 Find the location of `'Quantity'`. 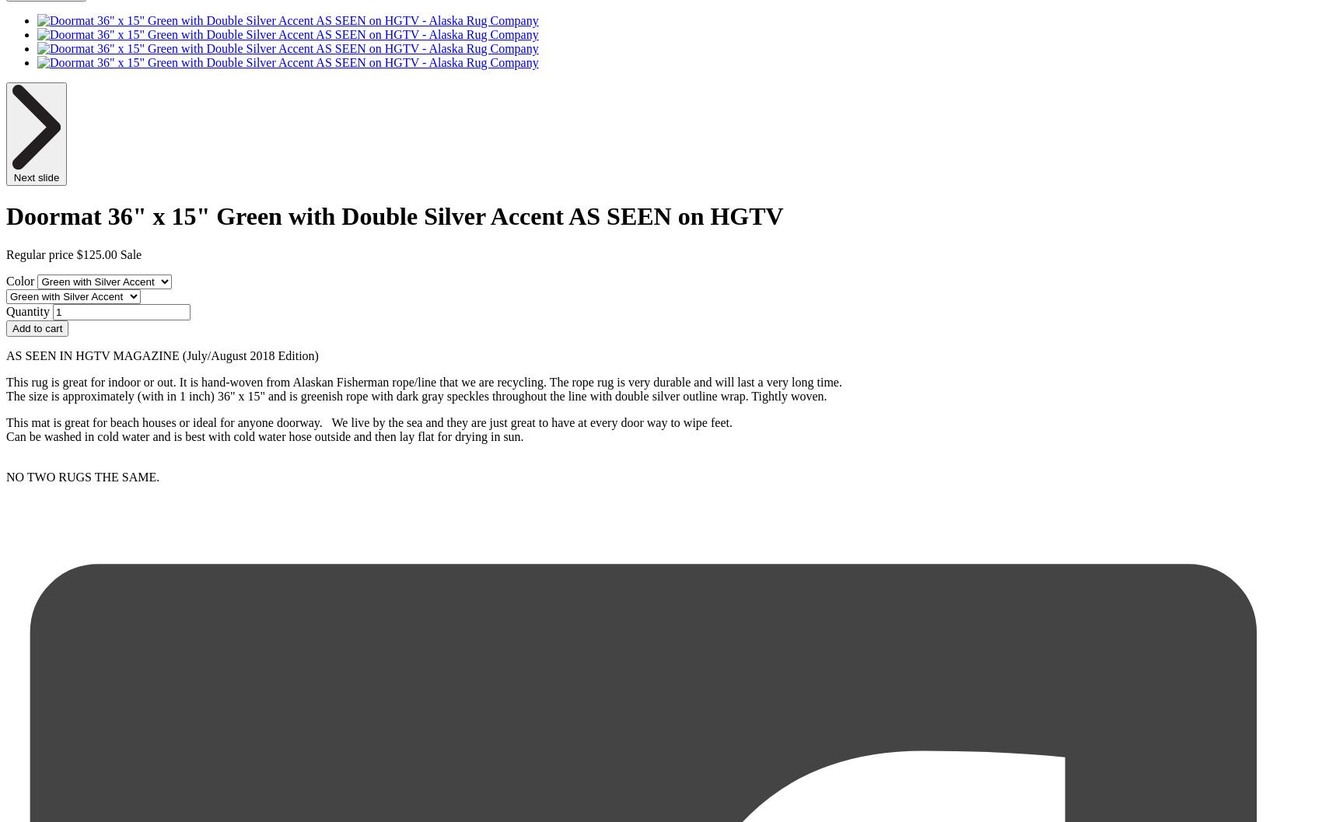

'Quantity' is located at coordinates (28, 310).